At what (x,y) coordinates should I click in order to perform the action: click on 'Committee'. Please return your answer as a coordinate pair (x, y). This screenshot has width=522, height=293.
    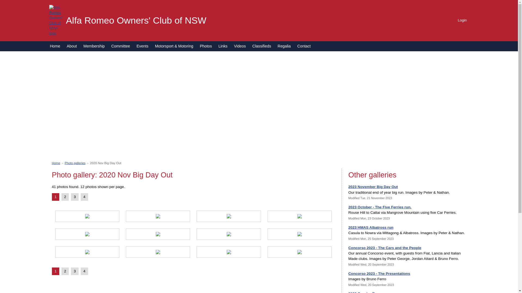
    Looking at the image, I should click on (120, 46).